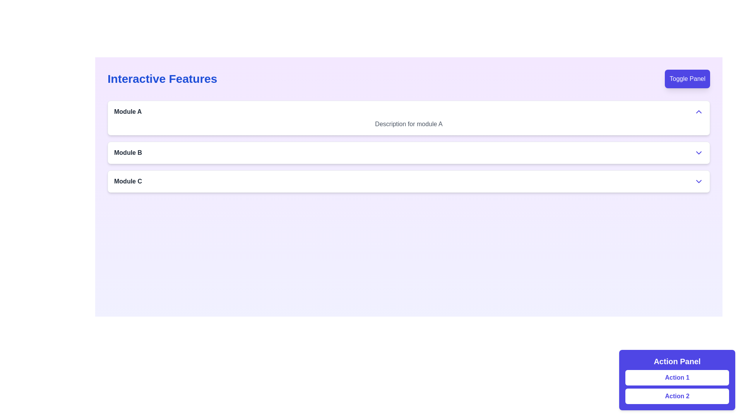 Image resolution: width=743 pixels, height=418 pixels. Describe the element at coordinates (698, 182) in the screenshot. I see `the indigo chevron icon button located to the right of the 'Module C' label` at that location.